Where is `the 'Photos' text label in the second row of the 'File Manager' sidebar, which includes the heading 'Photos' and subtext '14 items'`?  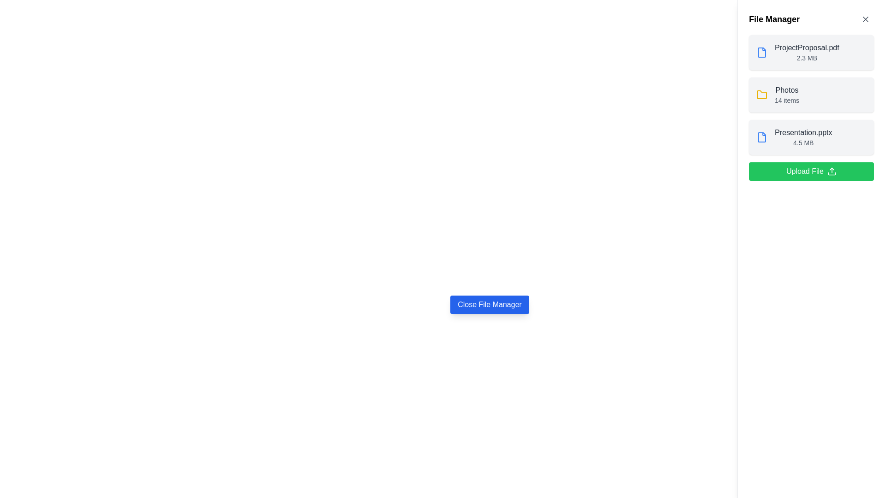 the 'Photos' text label in the second row of the 'File Manager' sidebar, which includes the heading 'Photos' and subtext '14 items' is located at coordinates (786, 95).